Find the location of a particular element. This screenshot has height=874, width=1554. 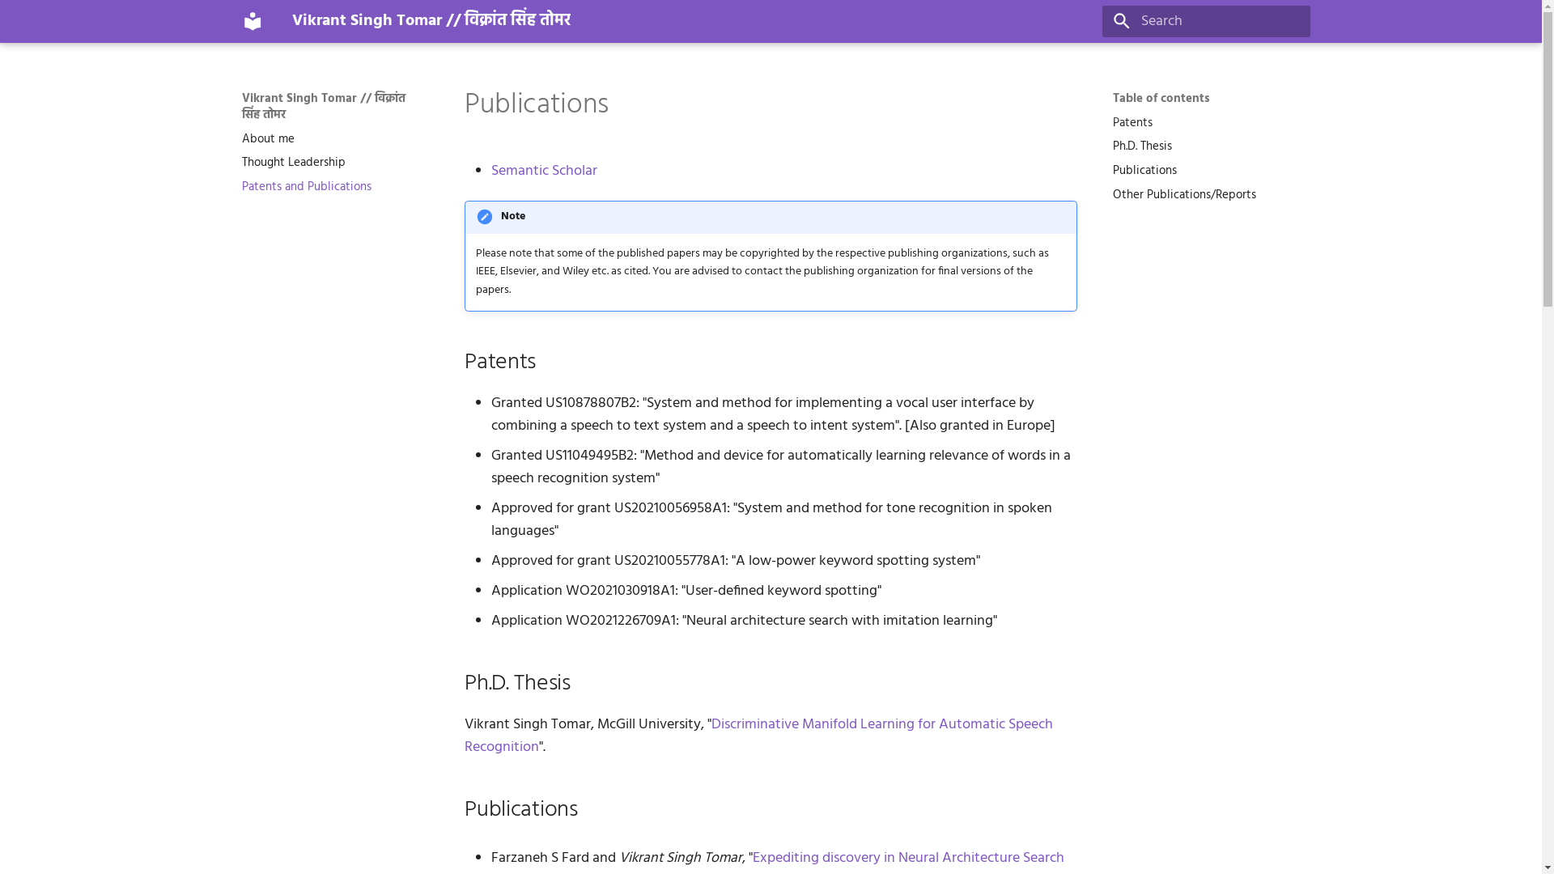

'About me' is located at coordinates (333, 138).